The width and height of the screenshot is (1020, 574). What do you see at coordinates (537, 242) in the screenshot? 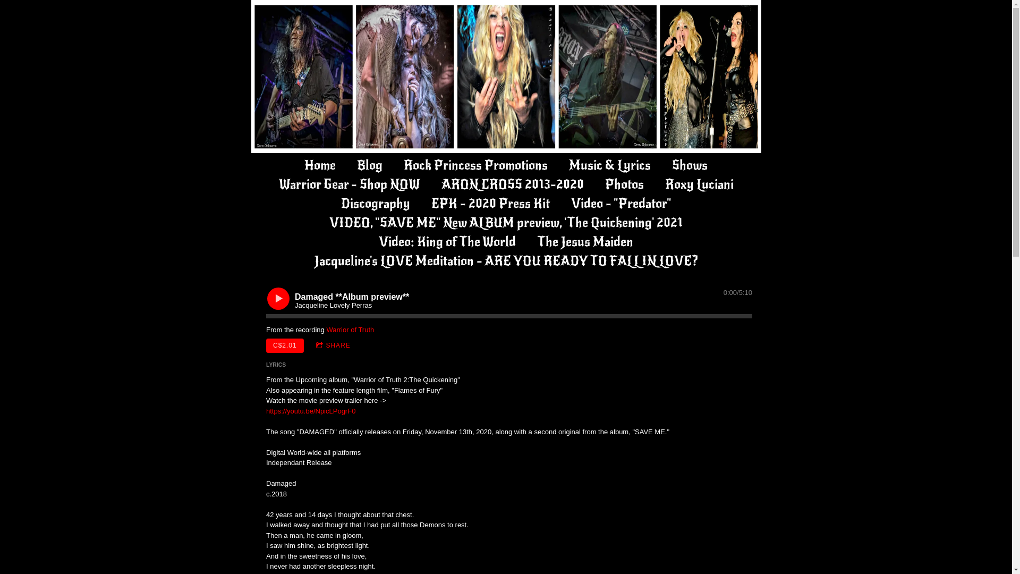
I see `'The Jesus Maiden'` at bounding box center [537, 242].